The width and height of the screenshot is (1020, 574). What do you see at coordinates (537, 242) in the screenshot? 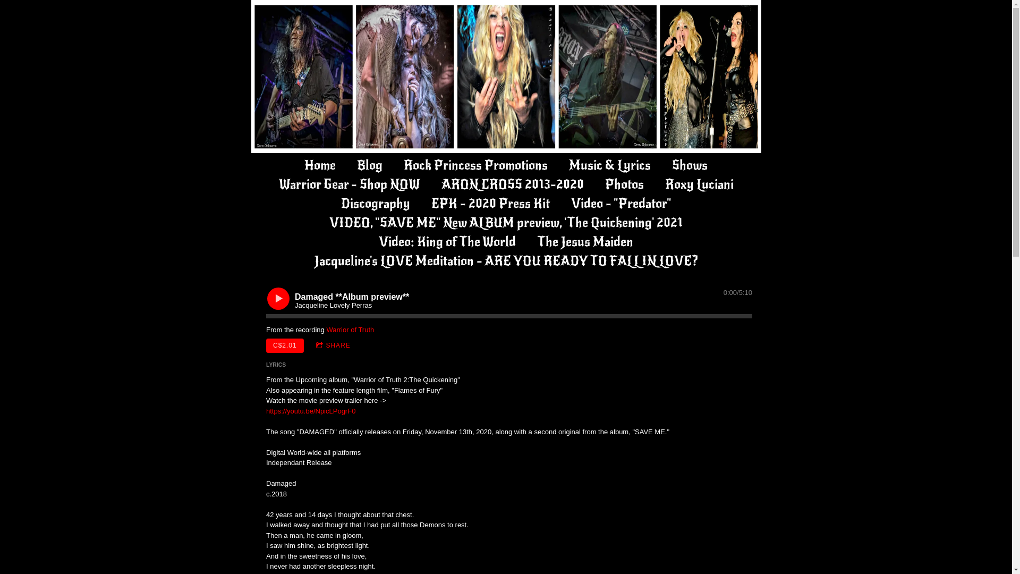
I see `'The Jesus Maiden'` at bounding box center [537, 242].